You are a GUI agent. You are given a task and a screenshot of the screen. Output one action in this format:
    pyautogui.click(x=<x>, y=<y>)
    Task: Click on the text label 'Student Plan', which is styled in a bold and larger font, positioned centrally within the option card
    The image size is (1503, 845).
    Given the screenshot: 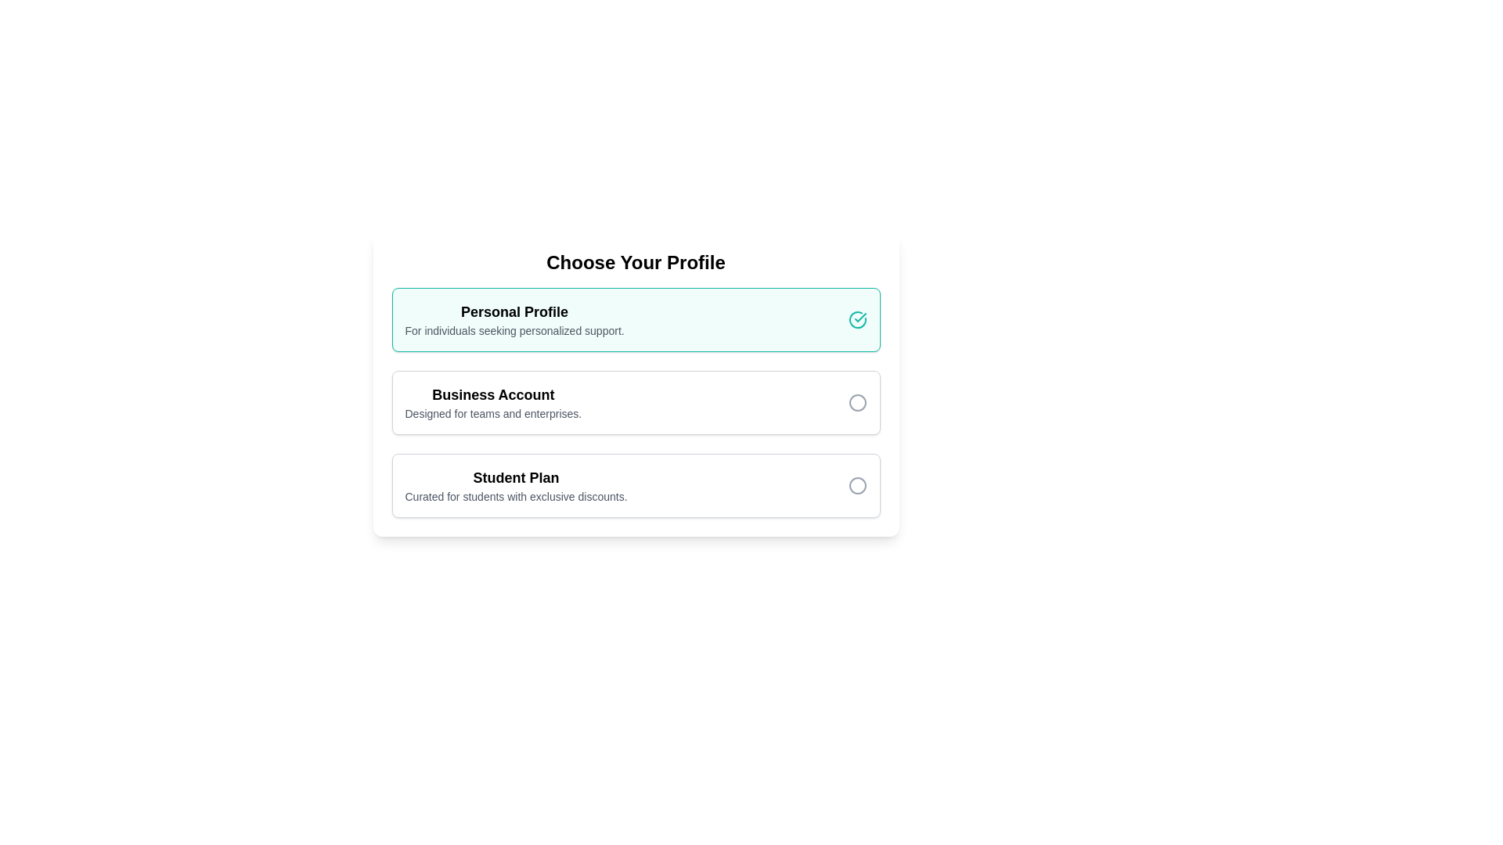 What is the action you would take?
    pyautogui.click(x=516, y=476)
    